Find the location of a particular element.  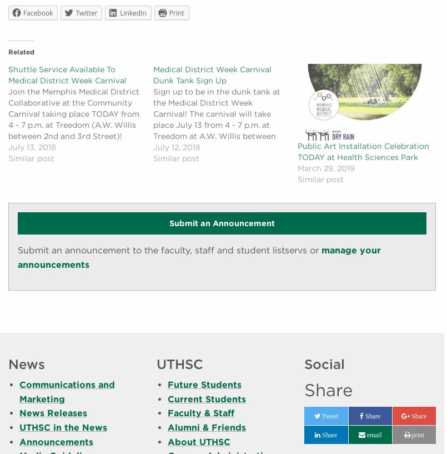

'News Releases' is located at coordinates (19, 413).